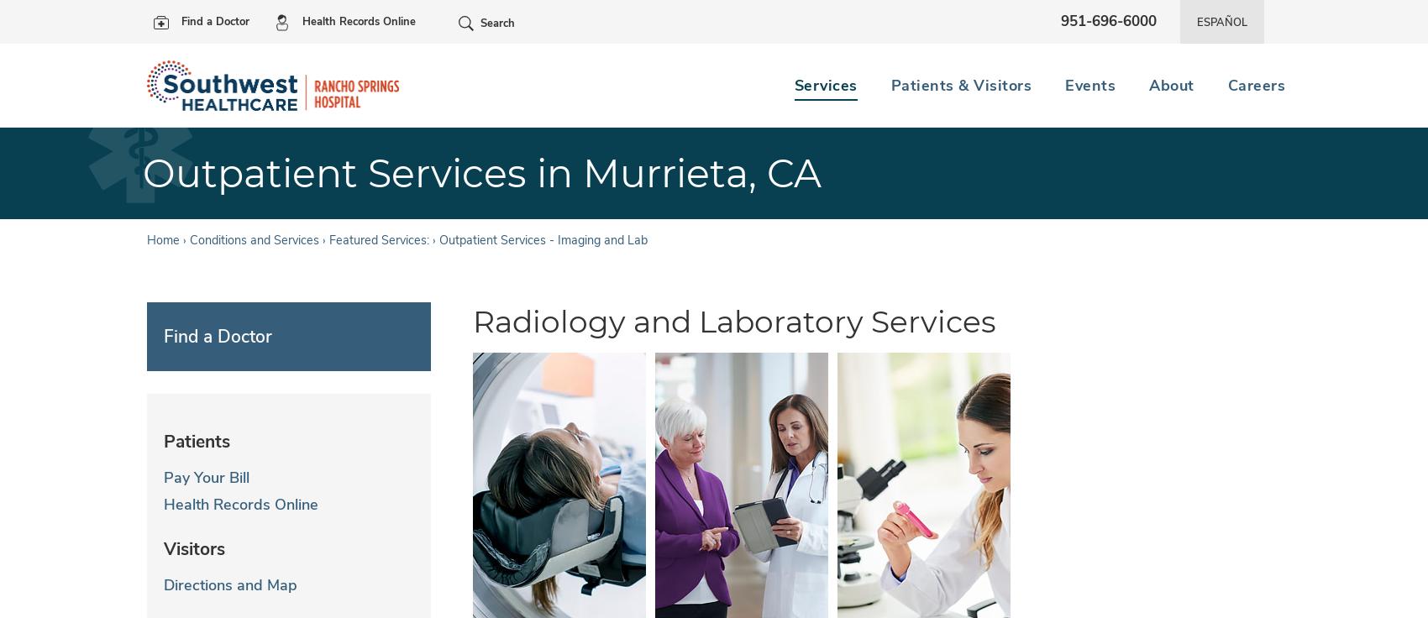 The width and height of the screenshot is (1428, 618). What do you see at coordinates (384, 239) in the screenshot?
I see `'Featured Services: ›'` at bounding box center [384, 239].